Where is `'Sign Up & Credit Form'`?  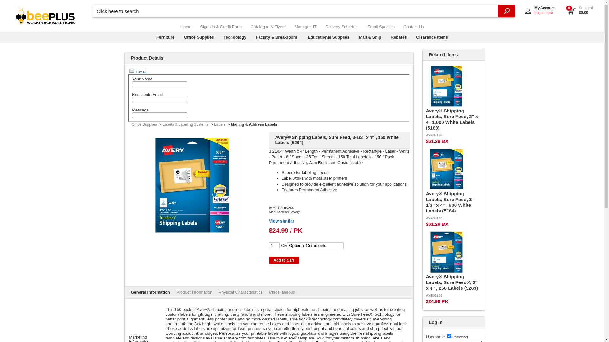
'Sign Up & Credit Form' is located at coordinates (221, 26).